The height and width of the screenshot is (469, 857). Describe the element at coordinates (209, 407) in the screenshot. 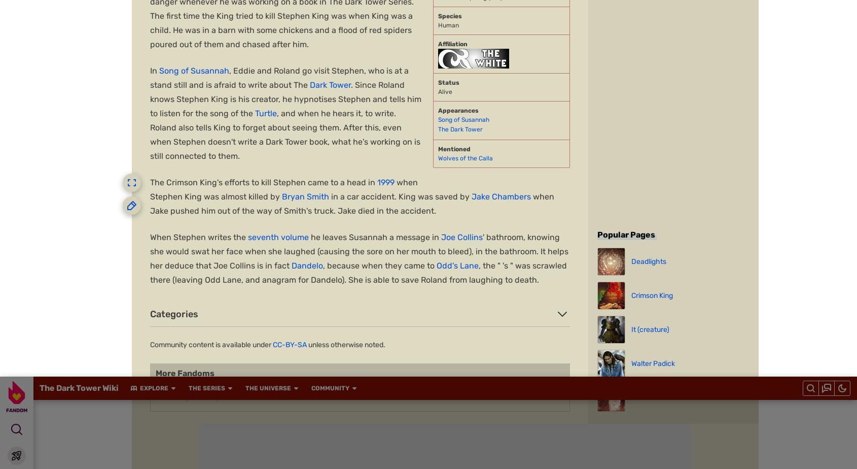

I see `'Muthead'` at that location.